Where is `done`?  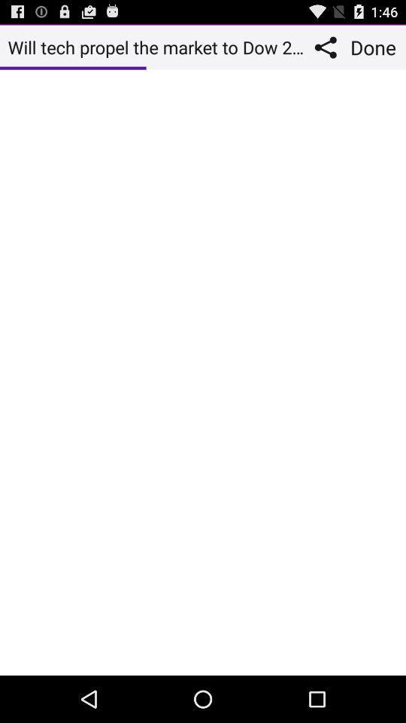
done is located at coordinates (374, 47).